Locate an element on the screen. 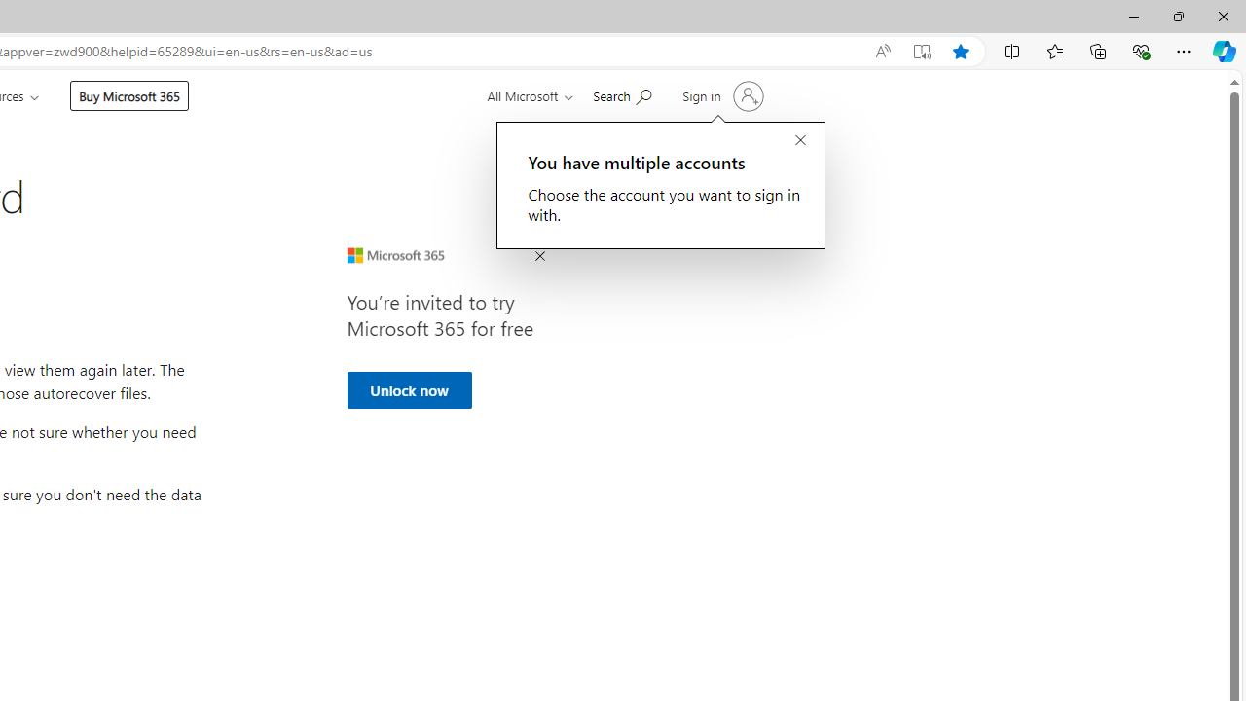 This screenshot has height=701, width=1246. 'Search for help' is located at coordinates (621, 94).